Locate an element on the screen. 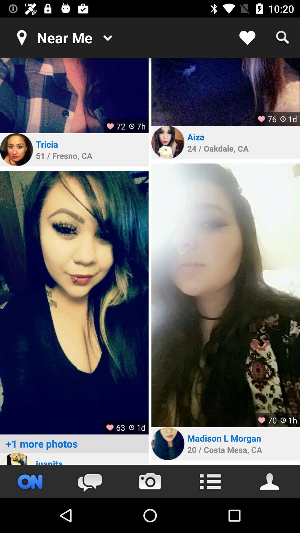  image in full size is located at coordinates (226, 295).